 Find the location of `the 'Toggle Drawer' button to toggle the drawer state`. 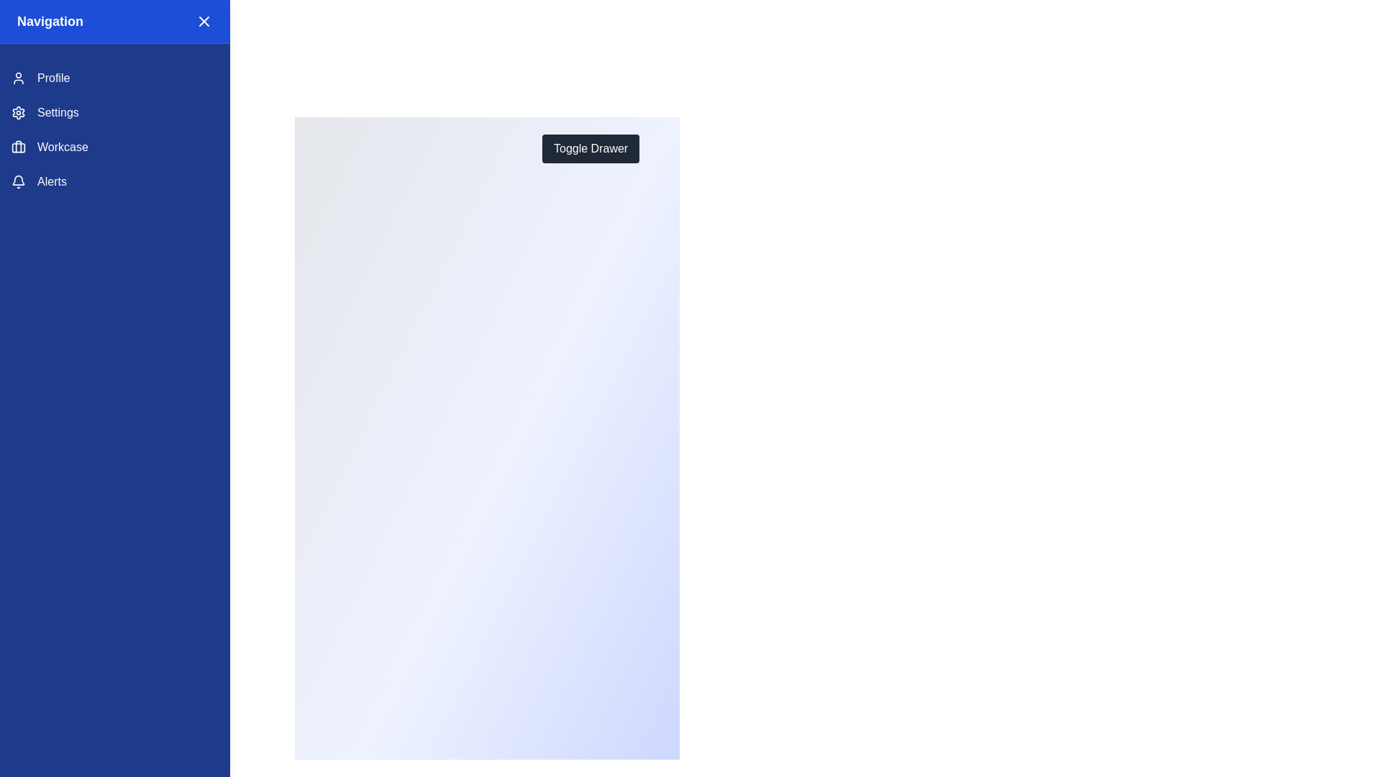

the 'Toggle Drawer' button to toggle the drawer state is located at coordinates (590, 149).